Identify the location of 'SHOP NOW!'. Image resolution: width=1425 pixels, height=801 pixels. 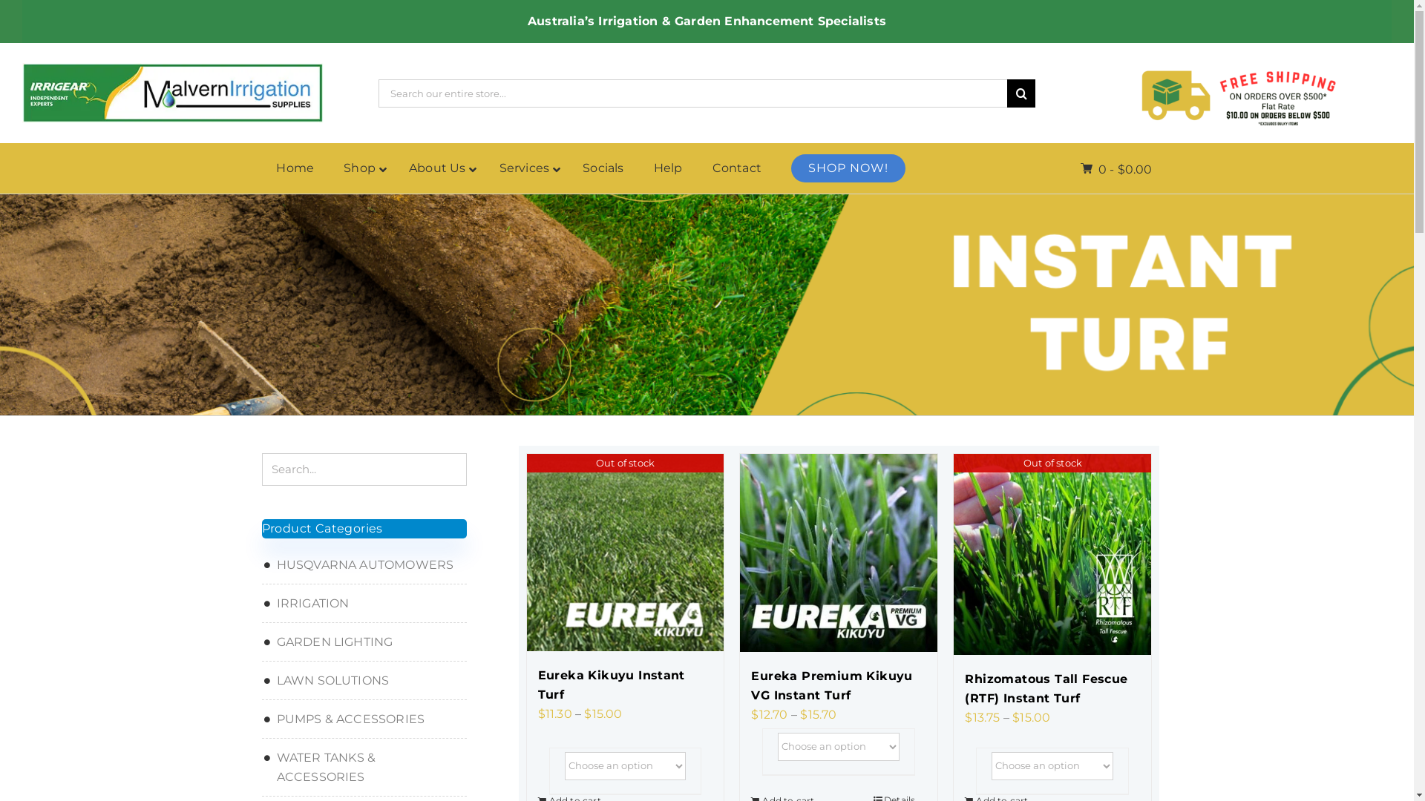
(848, 168).